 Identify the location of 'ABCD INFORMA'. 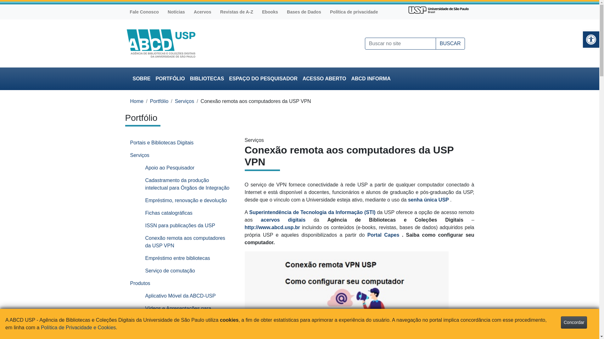
(371, 78).